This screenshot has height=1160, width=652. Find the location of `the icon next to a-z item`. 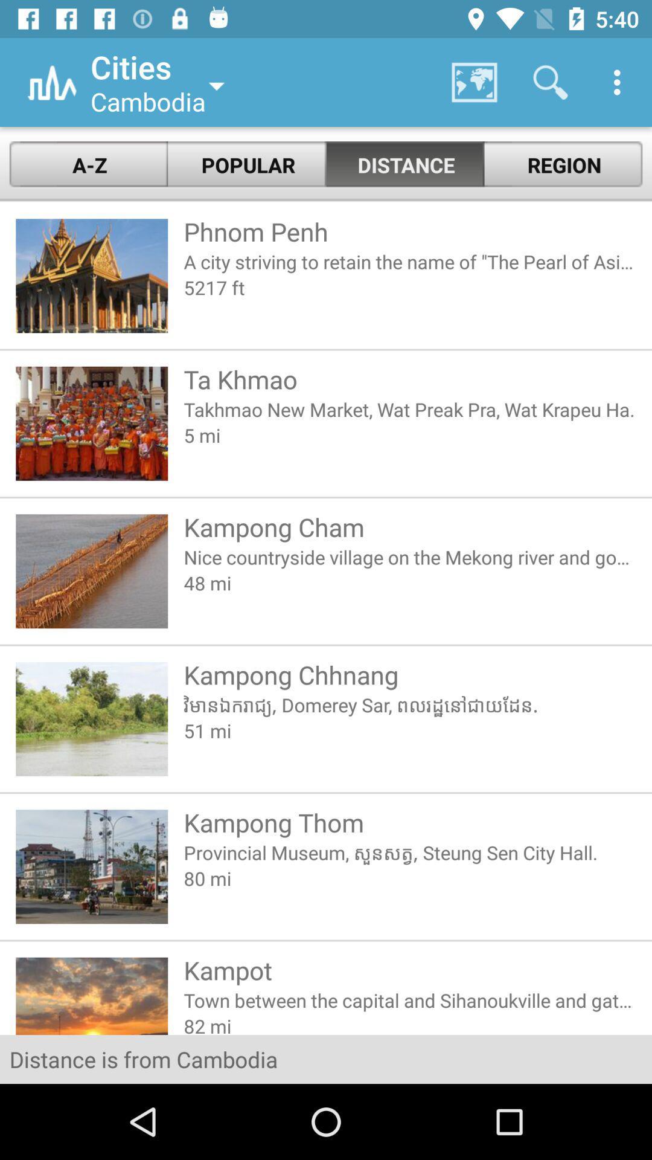

the icon next to a-z item is located at coordinates (246, 164).